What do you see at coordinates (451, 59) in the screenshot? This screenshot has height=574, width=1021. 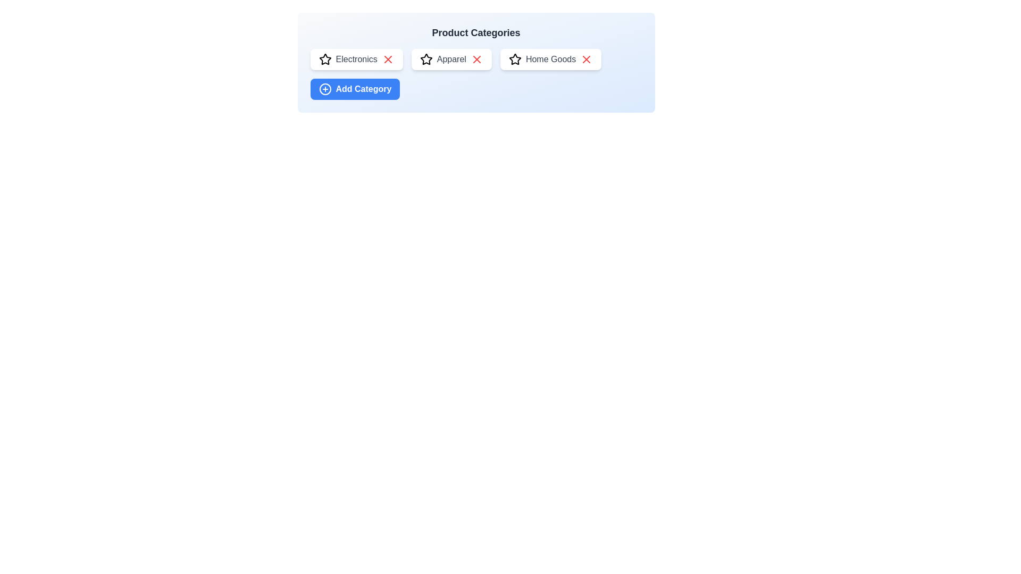 I see `the category name Apparel to select it` at bounding box center [451, 59].